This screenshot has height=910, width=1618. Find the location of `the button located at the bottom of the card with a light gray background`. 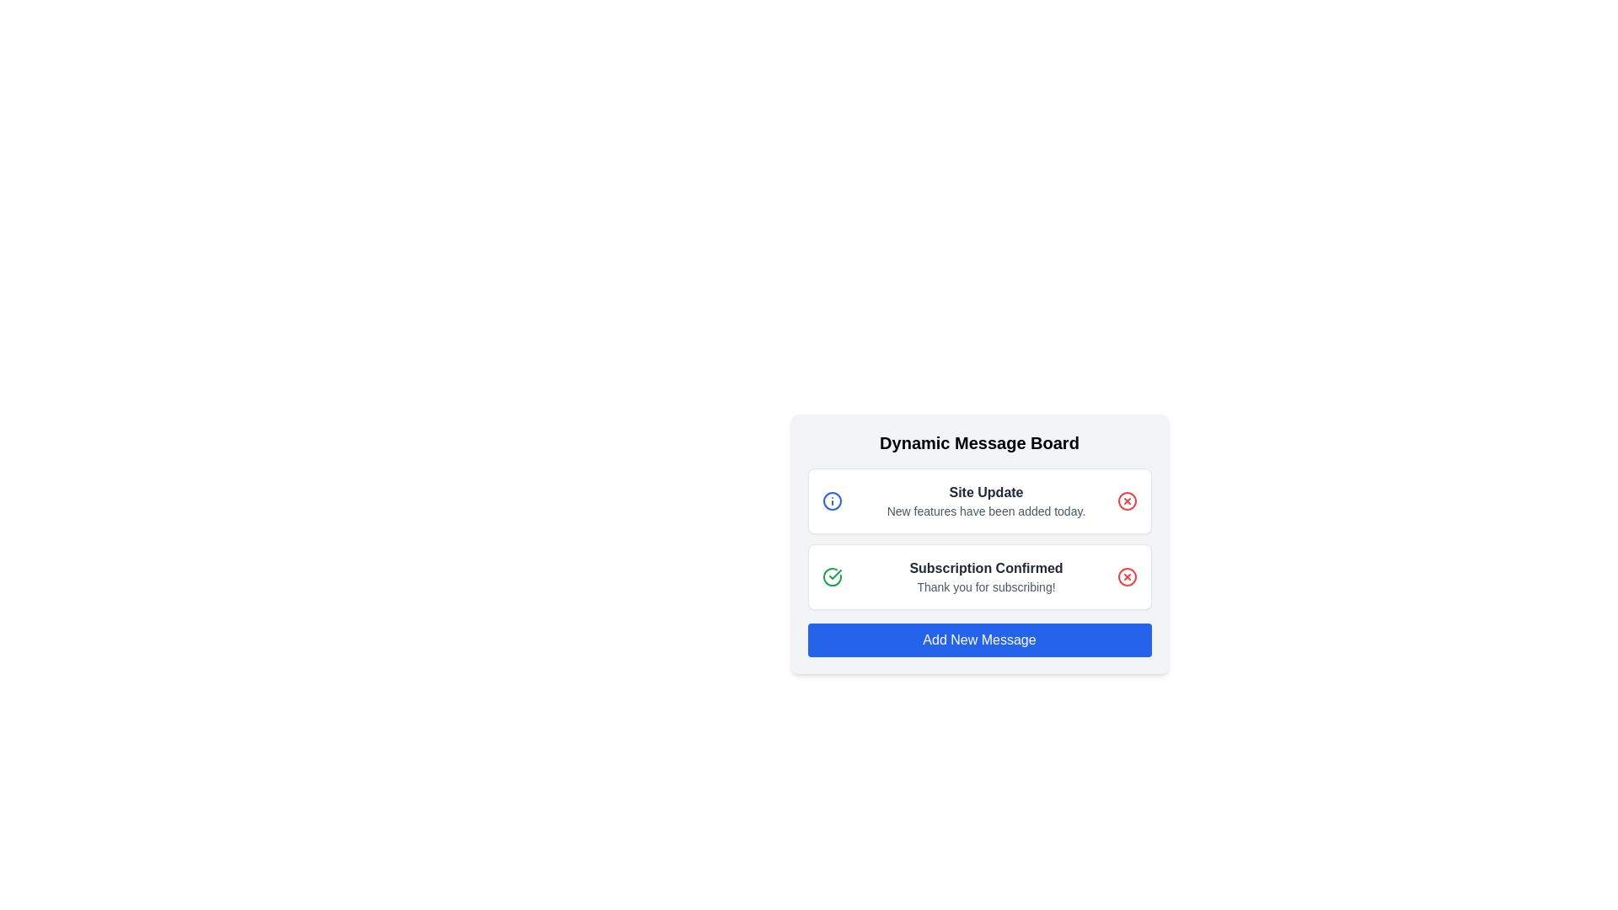

the button located at the bottom of the card with a light gray background is located at coordinates (979, 640).